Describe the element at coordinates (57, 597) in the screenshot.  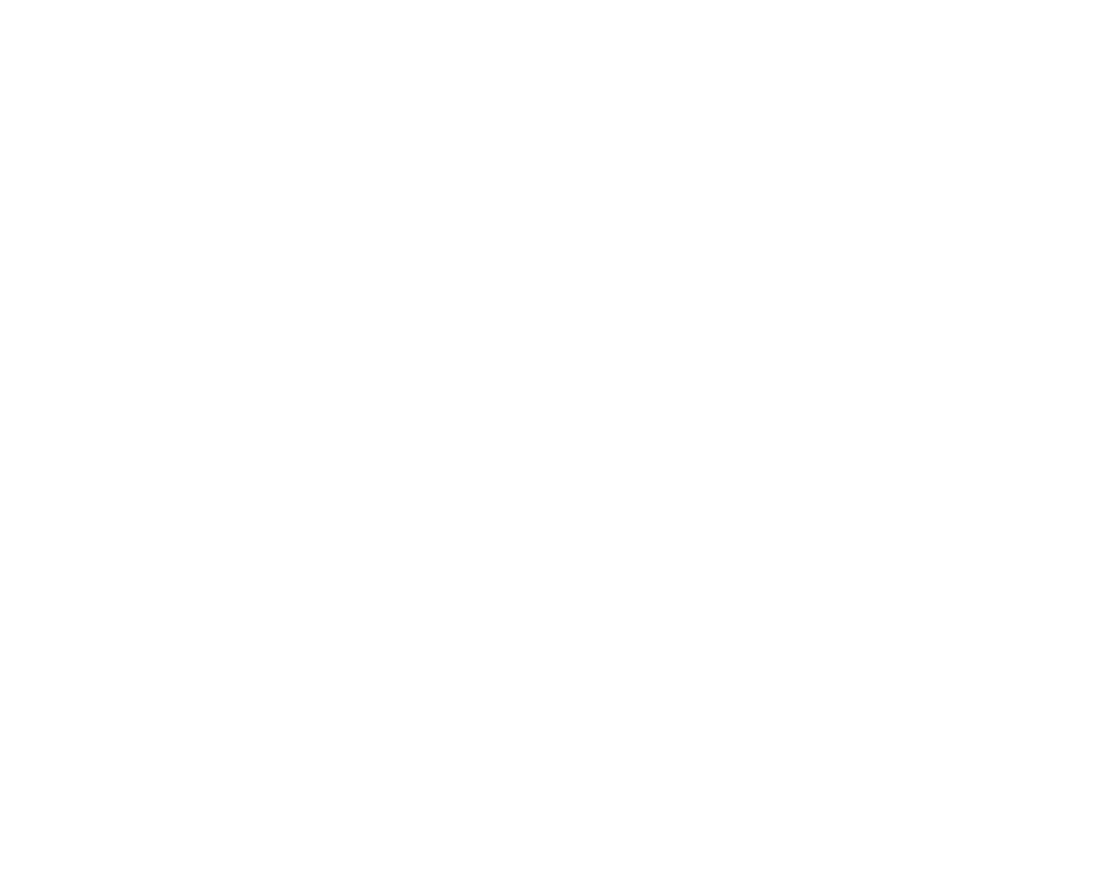
I see `'United Kingdom'` at that location.